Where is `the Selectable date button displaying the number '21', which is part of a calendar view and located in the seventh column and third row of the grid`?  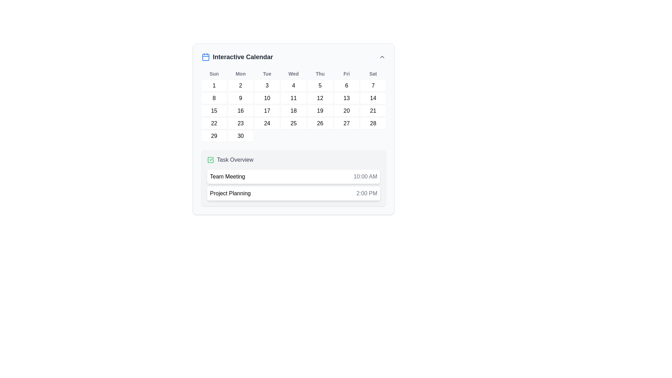 the Selectable date button displaying the number '21', which is part of a calendar view and located in the seventh column and third row of the grid is located at coordinates (373, 110).